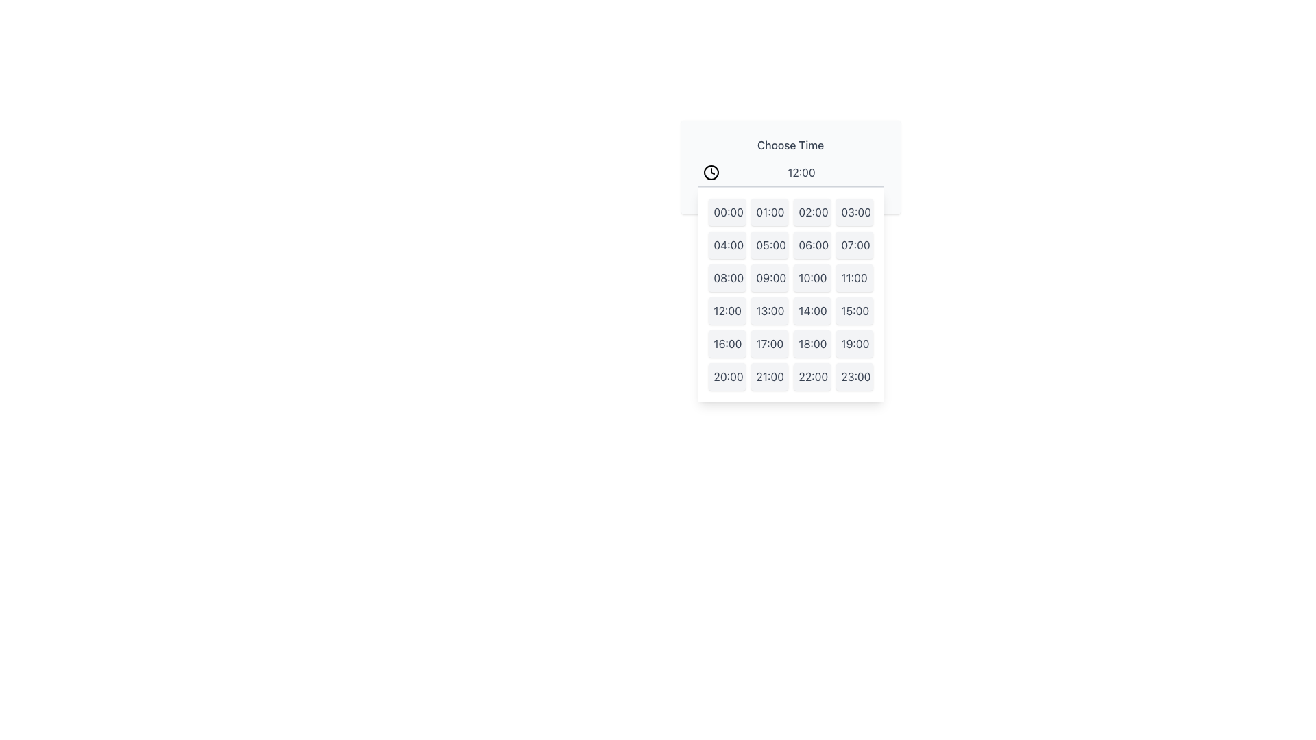 This screenshot has height=740, width=1316. Describe the element at coordinates (853, 245) in the screenshot. I see `the button in the grid menu` at that location.